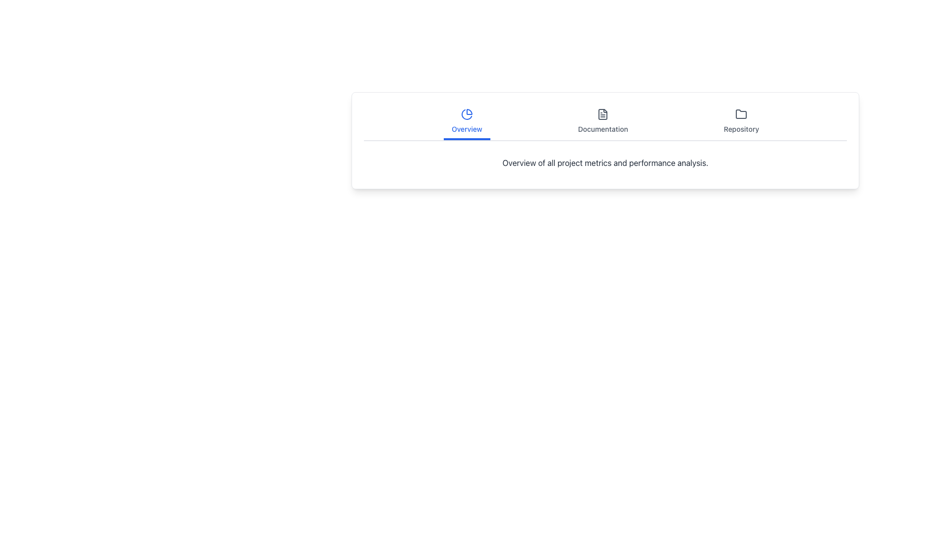  Describe the element at coordinates (604, 162) in the screenshot. I see `information provided in the 'Overview' section text element, which is located below the navigation bar and centered within the content area` at that location.